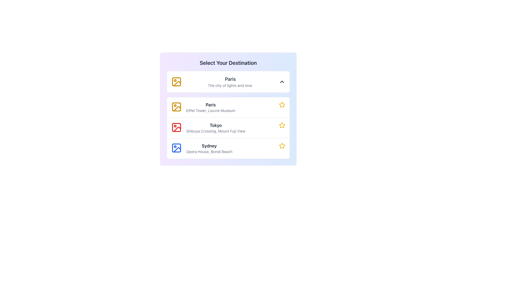  What do you see at coordinates (216, 128) in the screenshot?
I see `the Text Display element indicating 'Tokyo', which is centrally located in the third row of the vertical list in the modal titled 'Select Your Destination'` at bounding box center [216, 128].